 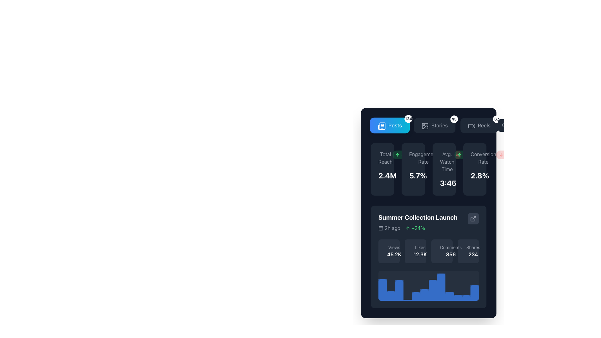 I want to click on the second informational card displaying likes, which is located between the 'Views' and 'Comments' cards in the grid below the 'Summer Collection Launch' title, so click(x=415, y=251).